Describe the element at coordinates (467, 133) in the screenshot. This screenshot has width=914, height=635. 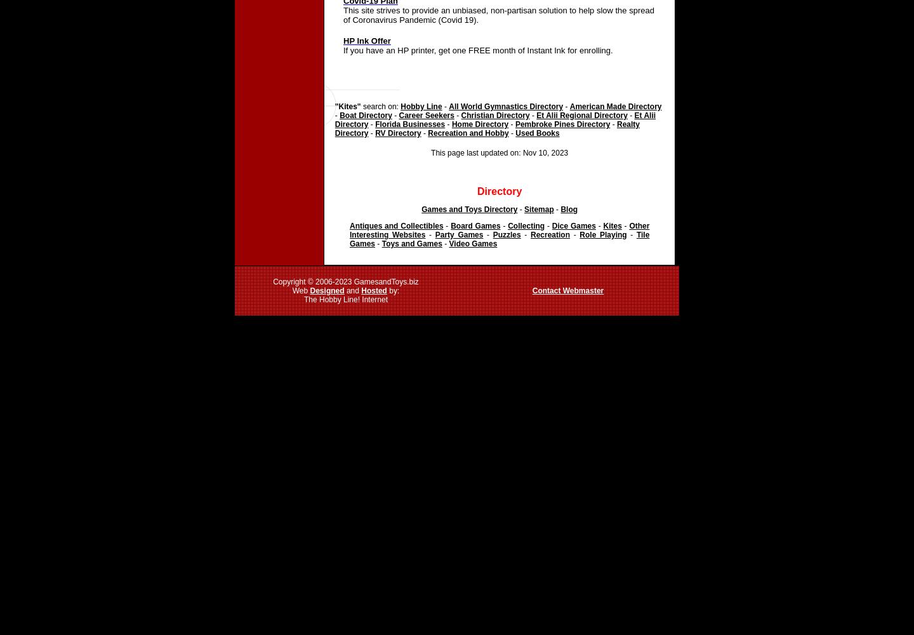
I see `'Recreation and Hobby'` at that location.